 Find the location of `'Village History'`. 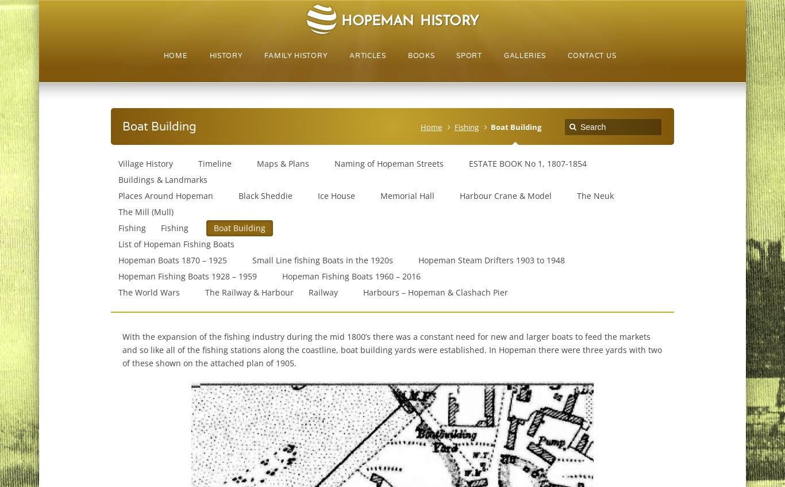

'Village History' is located at coordinates (145, 163).